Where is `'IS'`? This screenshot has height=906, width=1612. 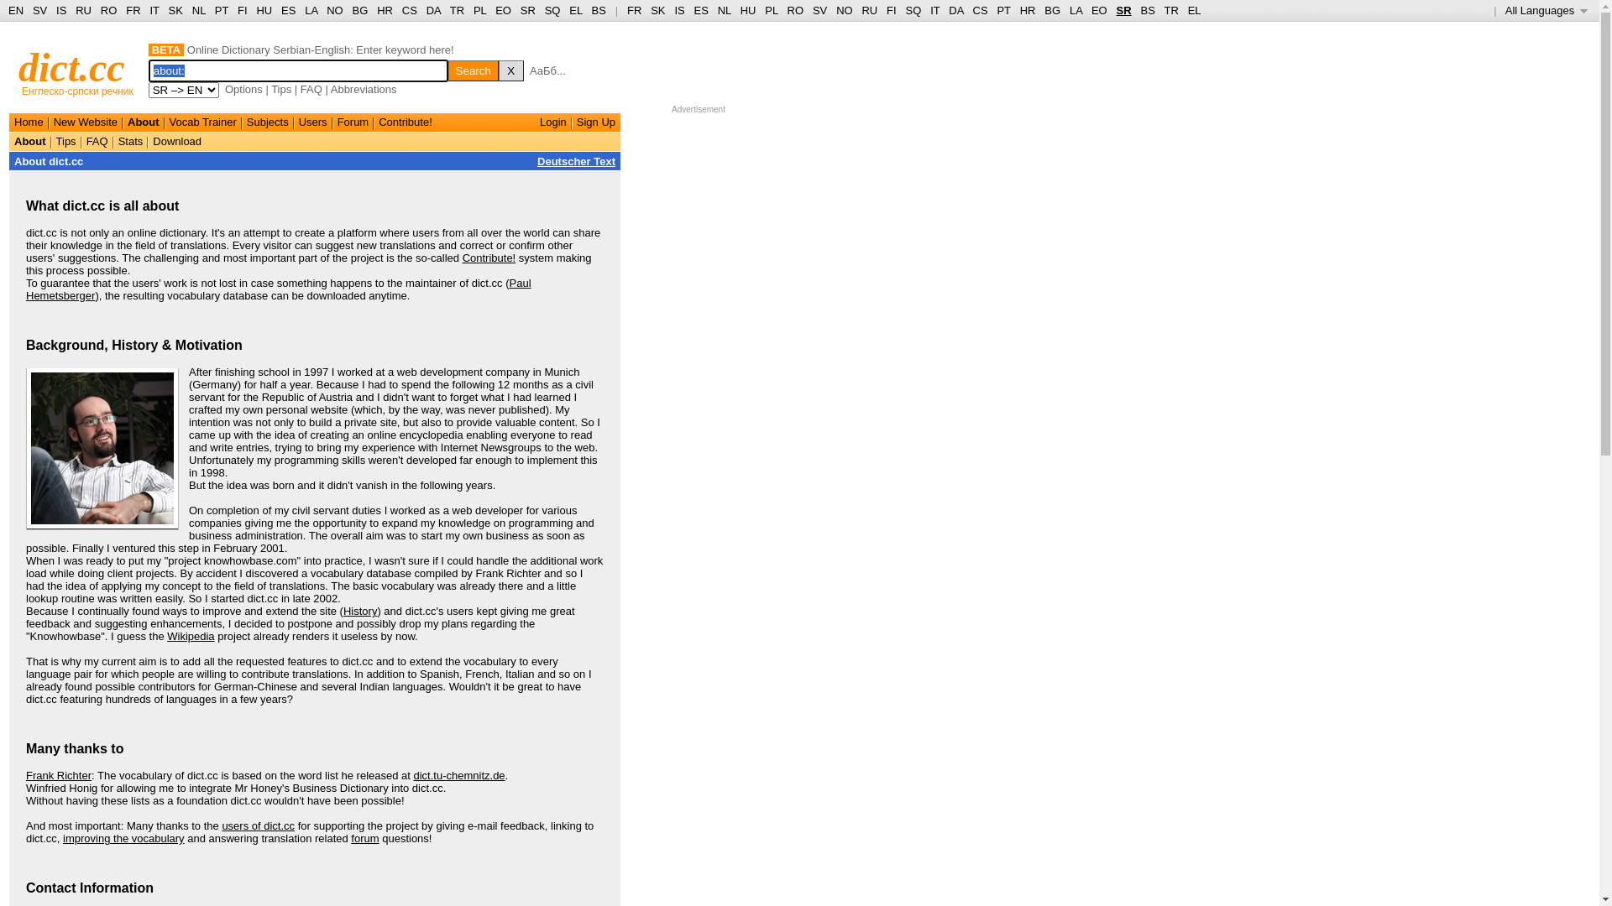 'IS' is located at coordinates (673, 10).